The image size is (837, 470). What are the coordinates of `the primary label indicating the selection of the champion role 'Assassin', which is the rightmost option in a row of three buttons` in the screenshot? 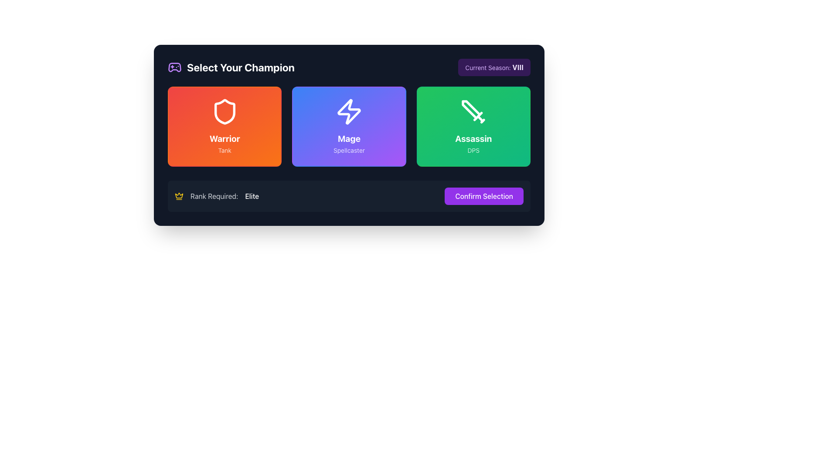 It's located at (473, 138).